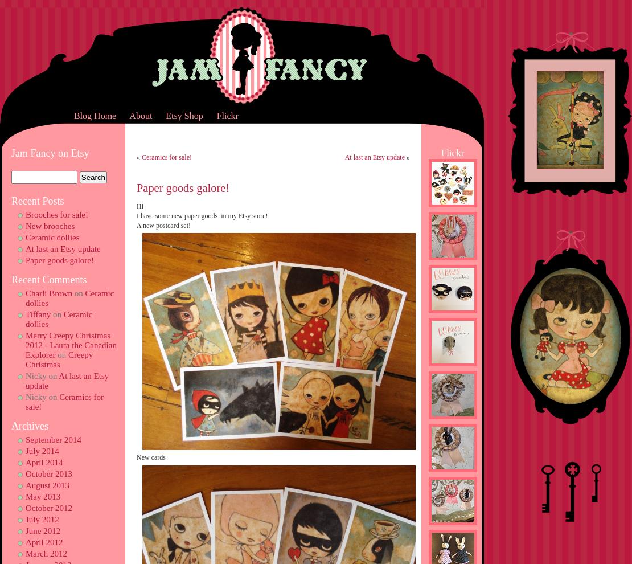 This screenshot has height=564, width=632. What do you see at coordinates (42, 518) in the screenshot?
I see `'July 2012'` at bounding box center [42, 518].